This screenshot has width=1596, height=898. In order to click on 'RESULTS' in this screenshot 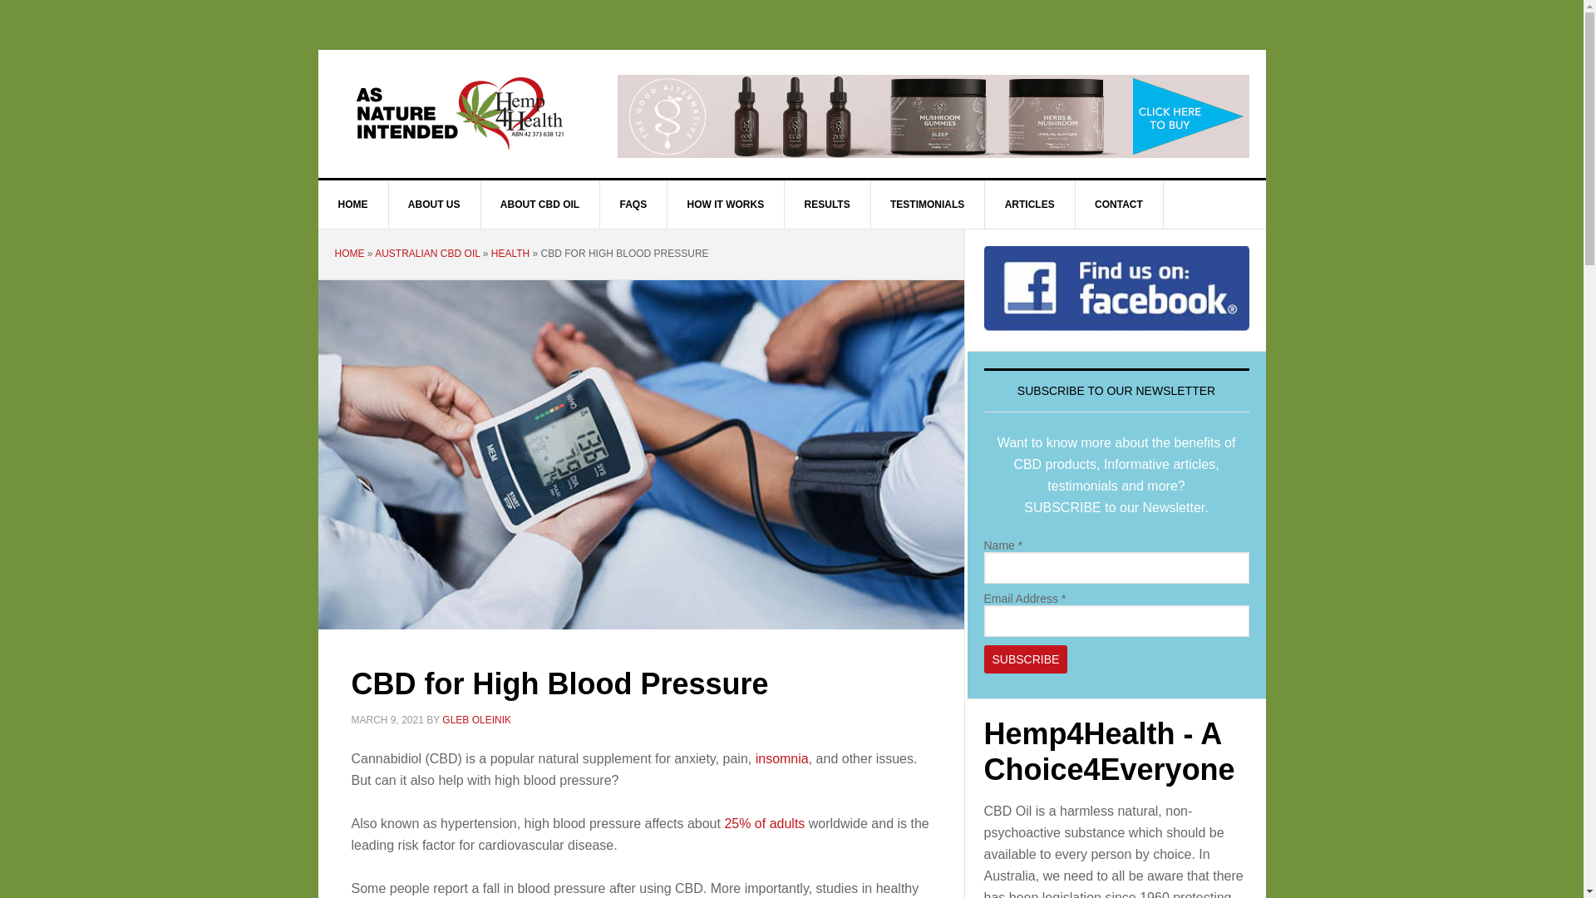, I will do `click(827, 204)`.